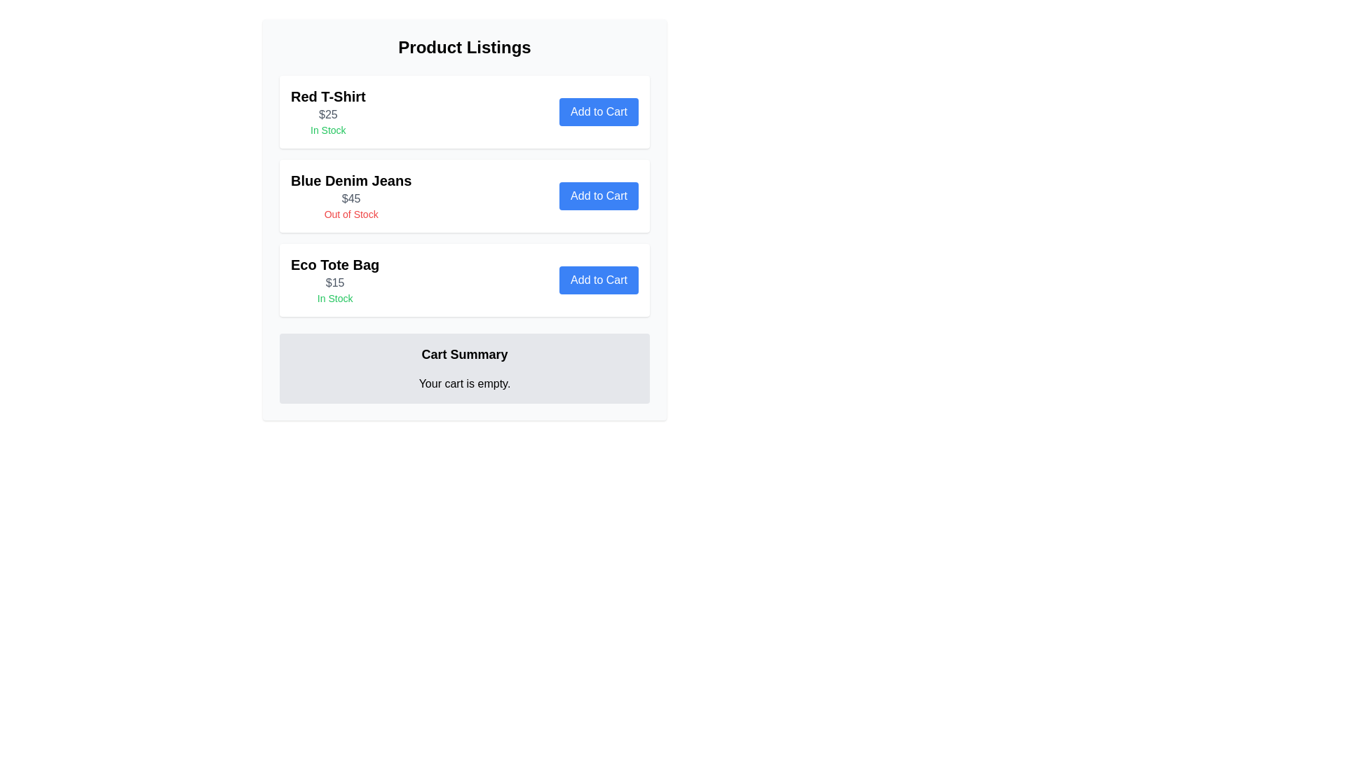 The width and height of the screenshot is (1346, 757). I want to click on the text label displaying the price '$15' for the 'Eco Tote Bag', which is positioned between the title and status in the product listing block, so click(334, 283).